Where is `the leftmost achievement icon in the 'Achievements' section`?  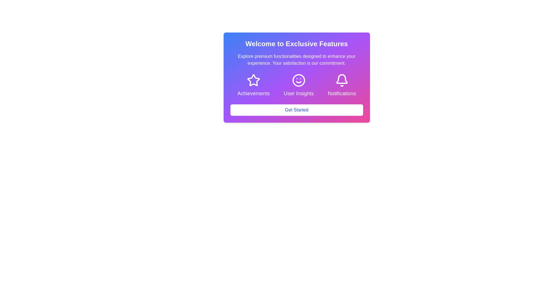 the leftmost achievement icon in the 'Achievements' section is located at coordinates (253, 80).